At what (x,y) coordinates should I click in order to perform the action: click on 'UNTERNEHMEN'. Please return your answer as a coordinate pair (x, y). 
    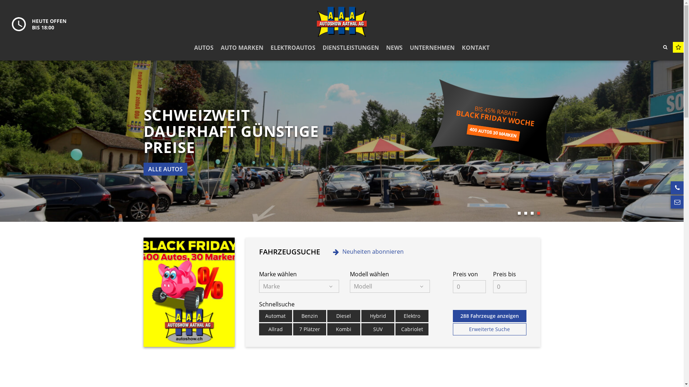
    Looking at the image, I should click on (432, 48).